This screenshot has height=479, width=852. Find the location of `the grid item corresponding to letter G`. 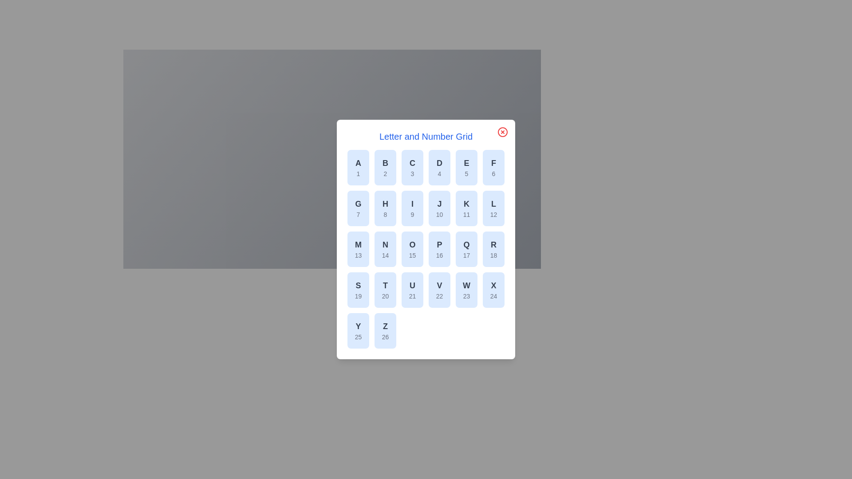

the grid item corresponding to letter G is located at coordinates (358, 208).